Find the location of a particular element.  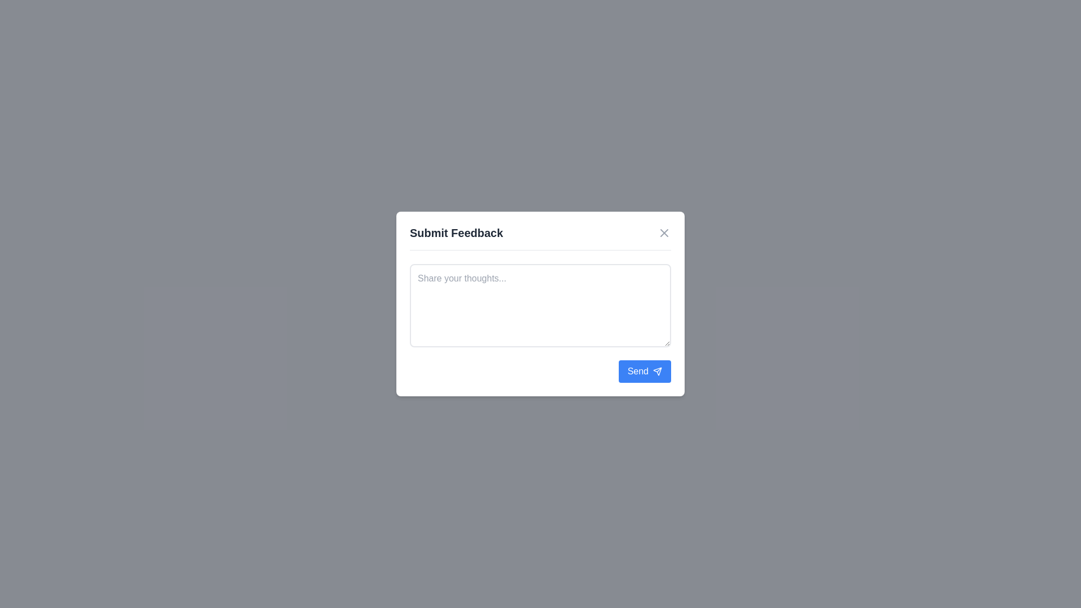

the close button to dismiss the dialog is located at coordinates (664, 232).